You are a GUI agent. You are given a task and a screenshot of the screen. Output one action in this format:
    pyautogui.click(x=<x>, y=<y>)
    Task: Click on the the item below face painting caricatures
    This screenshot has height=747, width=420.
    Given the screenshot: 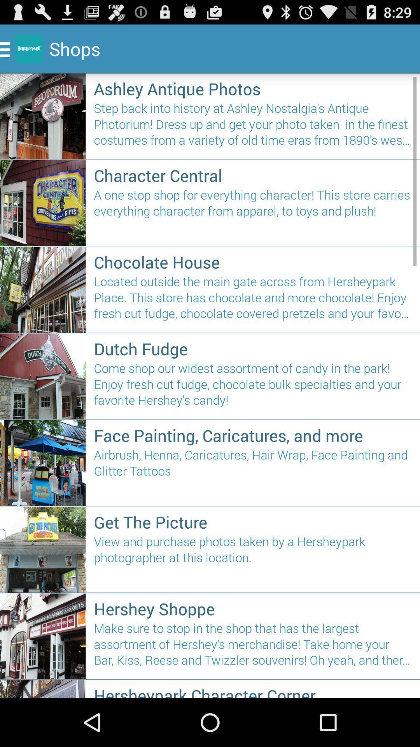 What is the action you would take?
    pyautogui.click(x=253, y=473)
    